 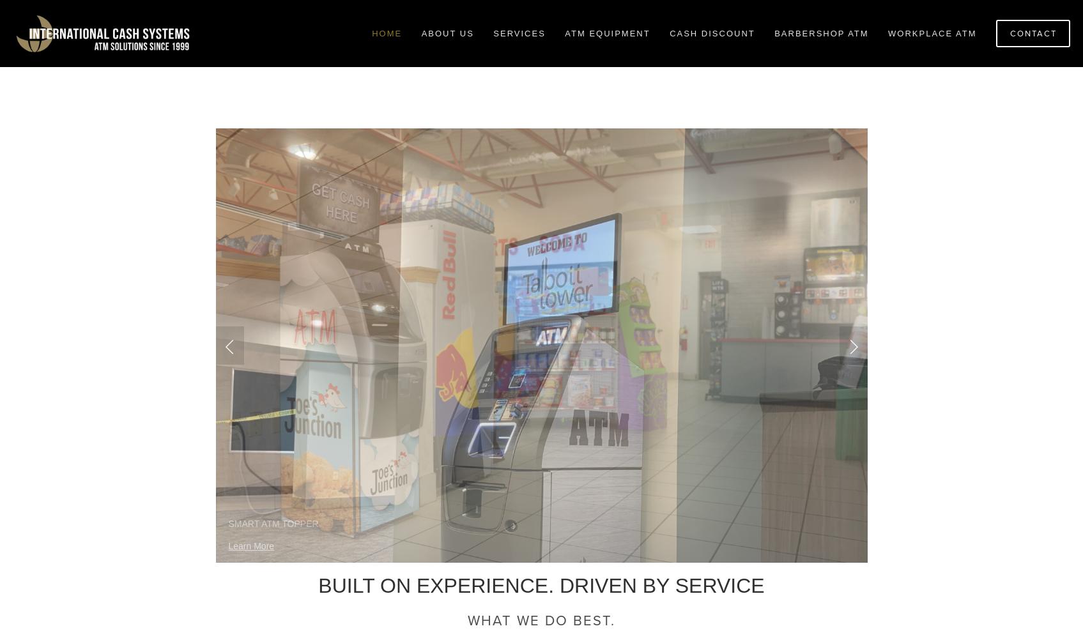 What do you see at coordinates (541, 586) in the screenshot?
I see `'BUILT ON EXPERIENCE. DRIVEN BY SERVICE'` at bounding box center [541, 586].